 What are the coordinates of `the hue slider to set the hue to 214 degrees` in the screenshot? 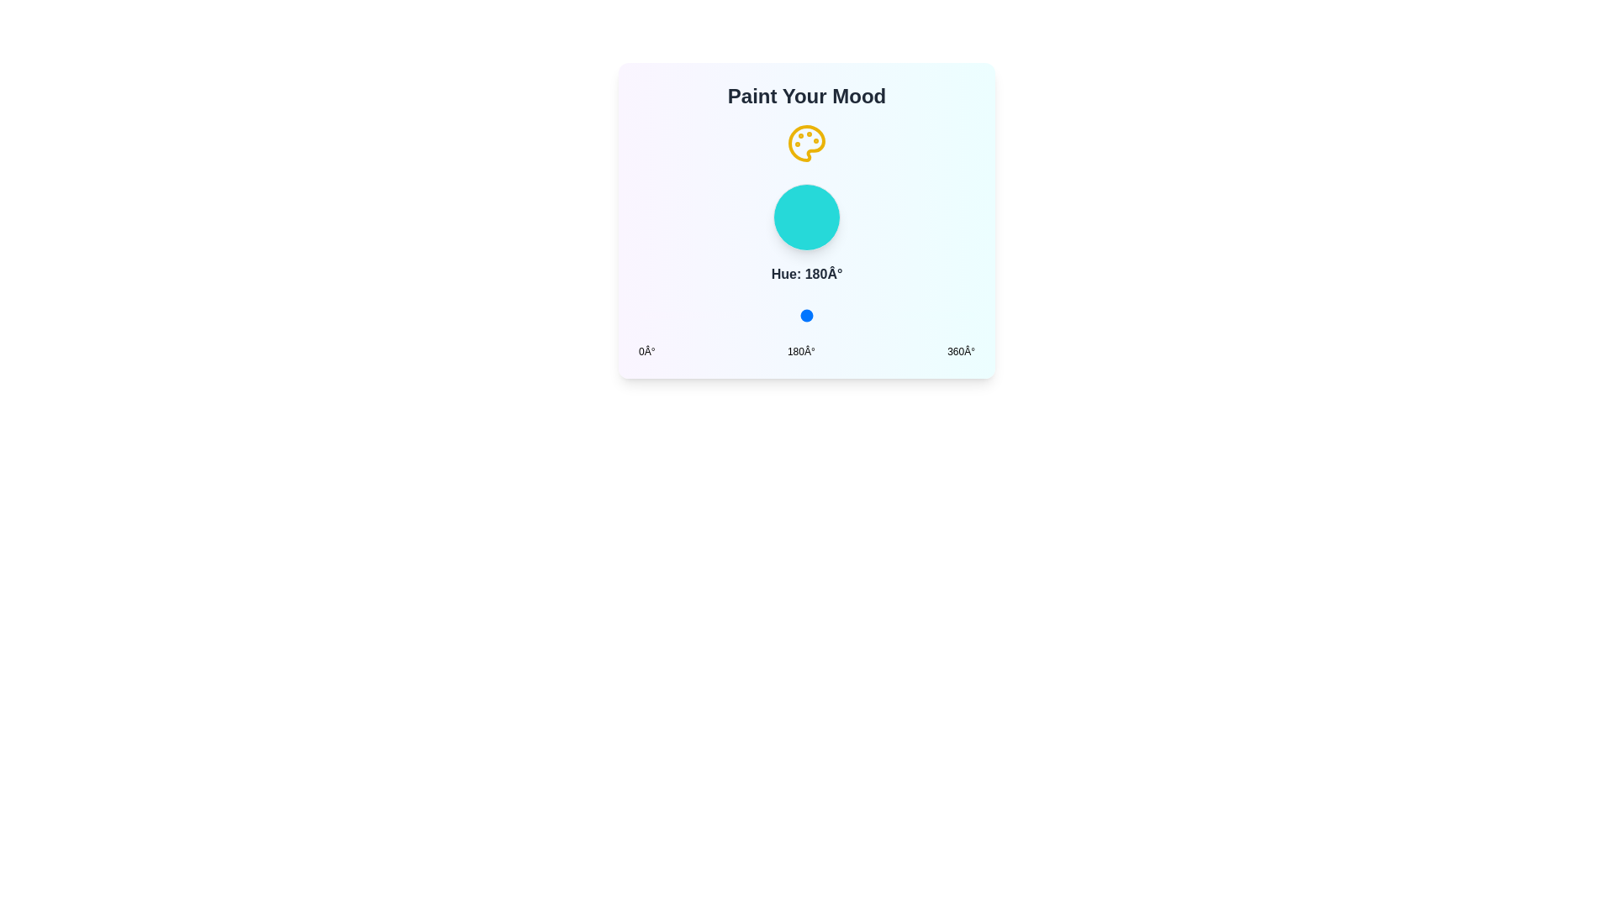 It's located at (838, 315).